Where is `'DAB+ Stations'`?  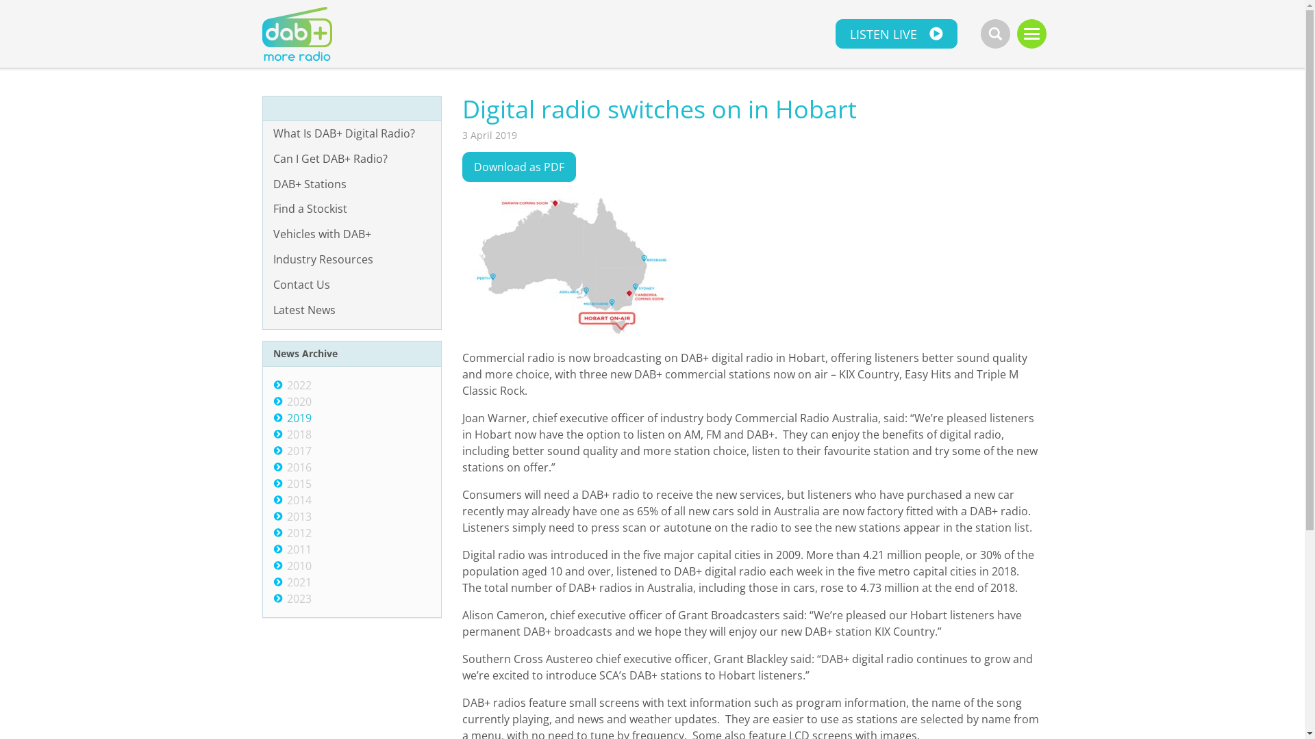 'DAB+ Stations' is located at coordinates (352, 183).